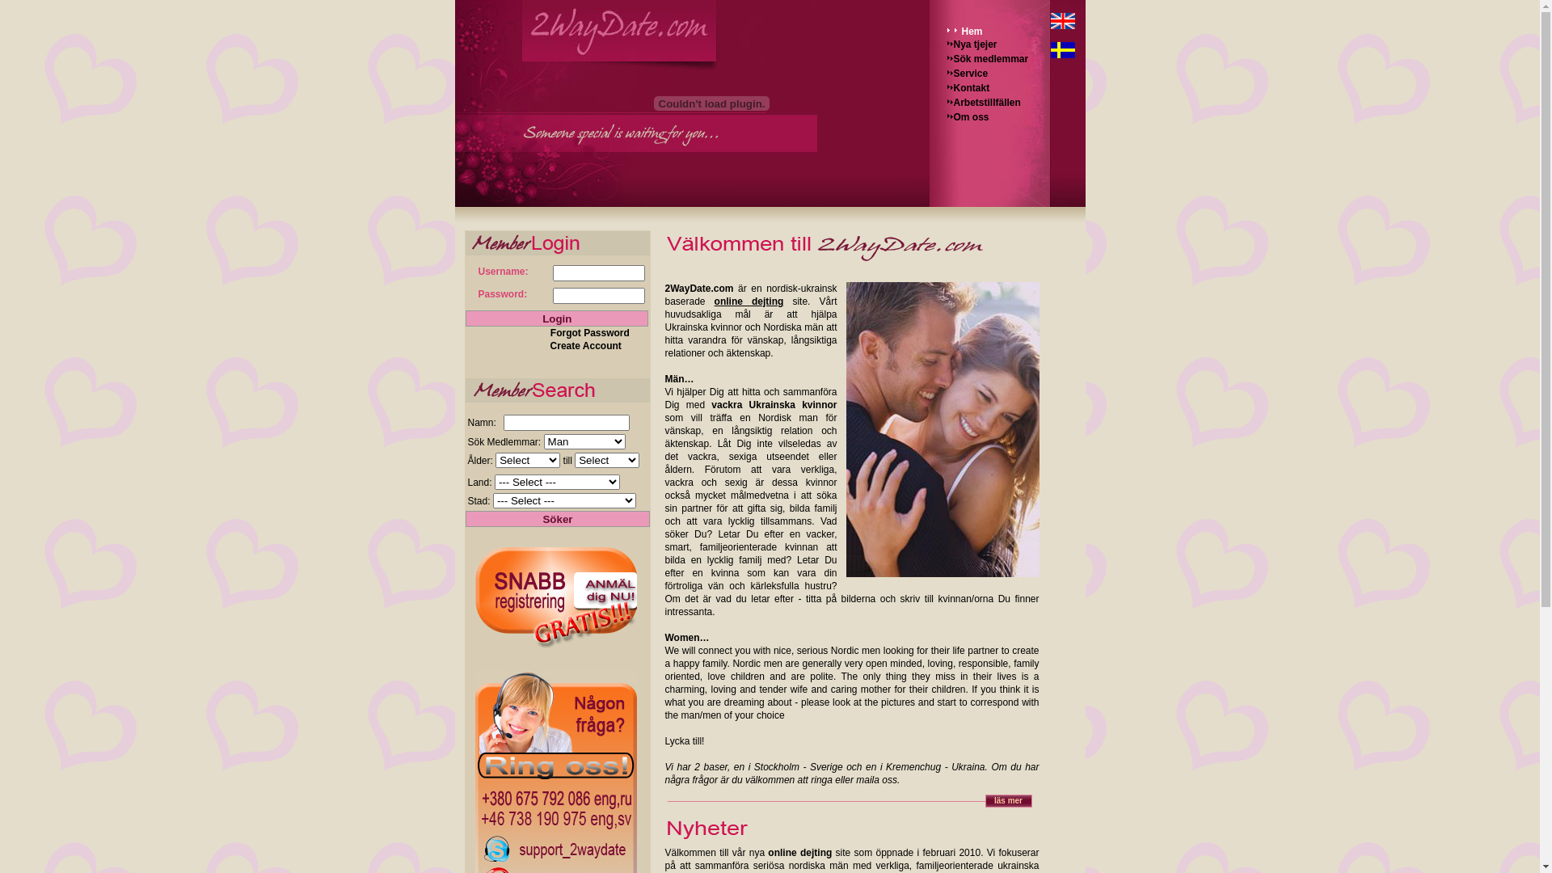  I want to click on 'Om oss', so click(970, 116).